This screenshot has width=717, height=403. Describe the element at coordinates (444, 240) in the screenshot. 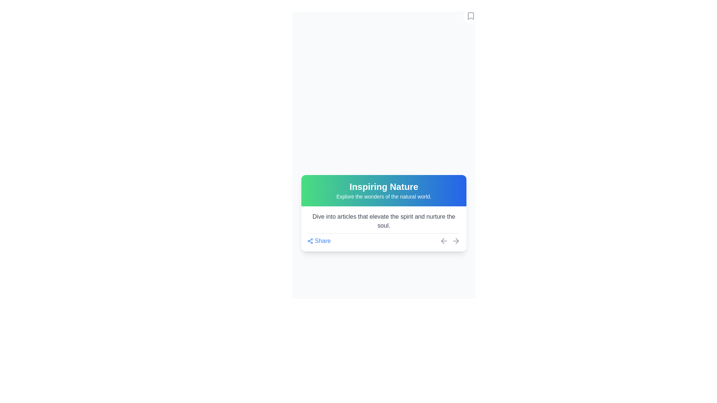

I see `the left arrow icon button located at the bottom right of the 'Inspiring Nature' card` at that location.